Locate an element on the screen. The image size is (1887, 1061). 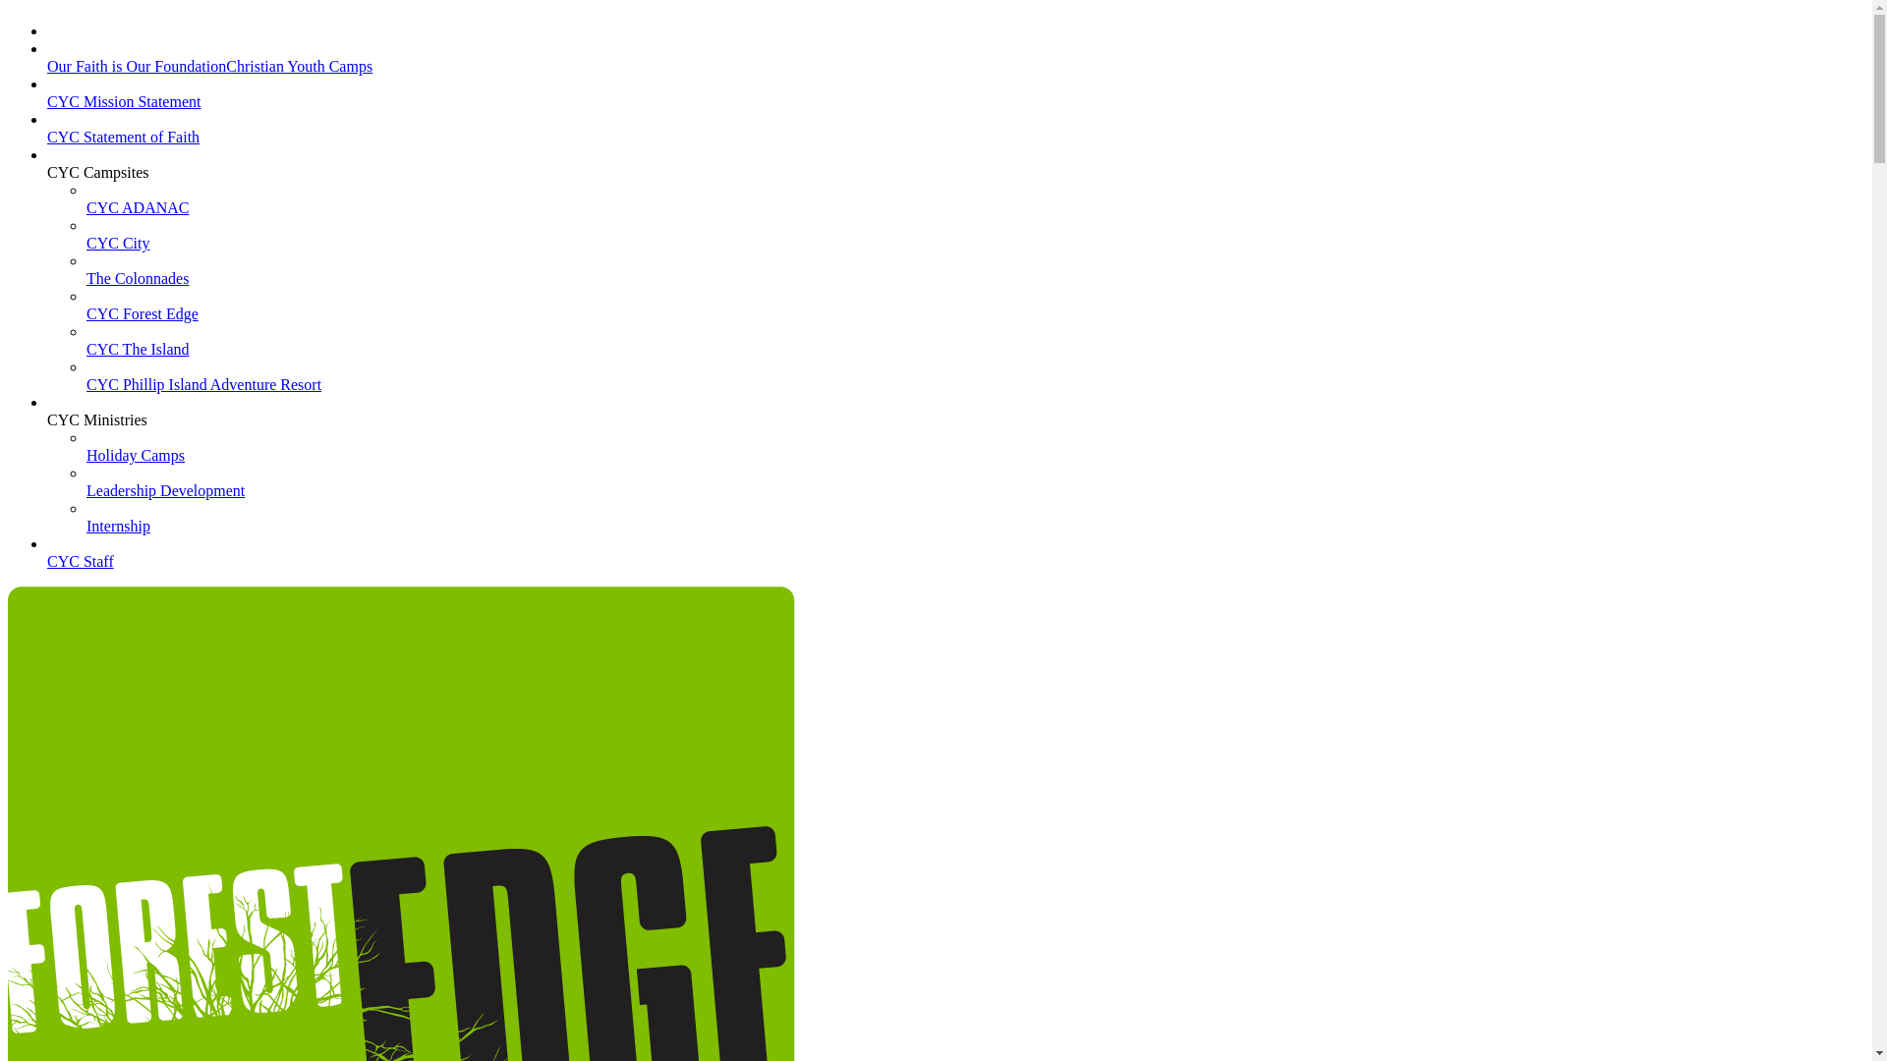
'CYC Forest Edge' is located at coordinates (85, 321).